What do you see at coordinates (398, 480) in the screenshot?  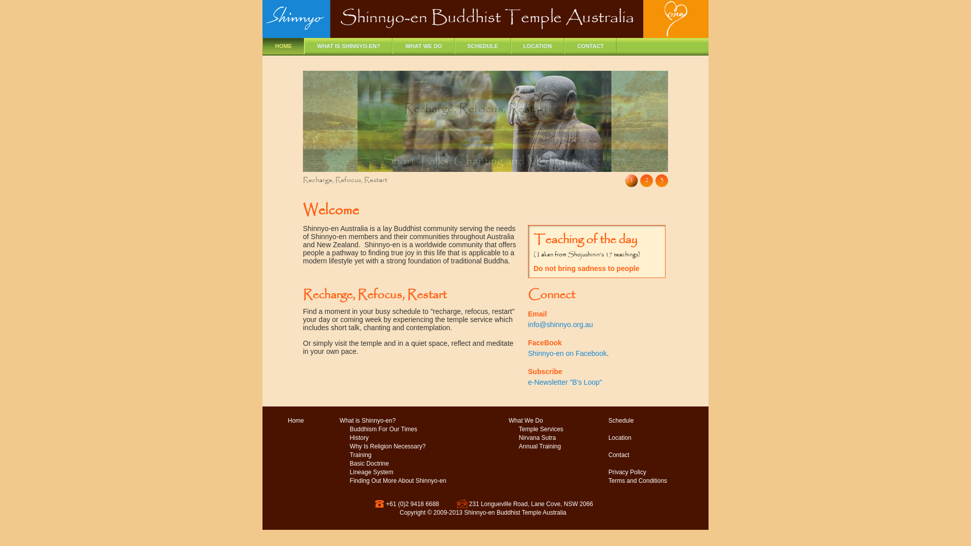 I see `'Finding Out More About Shinnyo-en'` at bounding box center [398, 480].